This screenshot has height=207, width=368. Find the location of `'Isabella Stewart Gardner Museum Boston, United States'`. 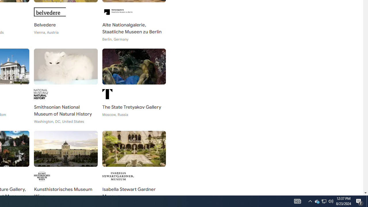

'Isabella Stewart Gardner Museum Boston, United States' is located at coordinates (134, 168).